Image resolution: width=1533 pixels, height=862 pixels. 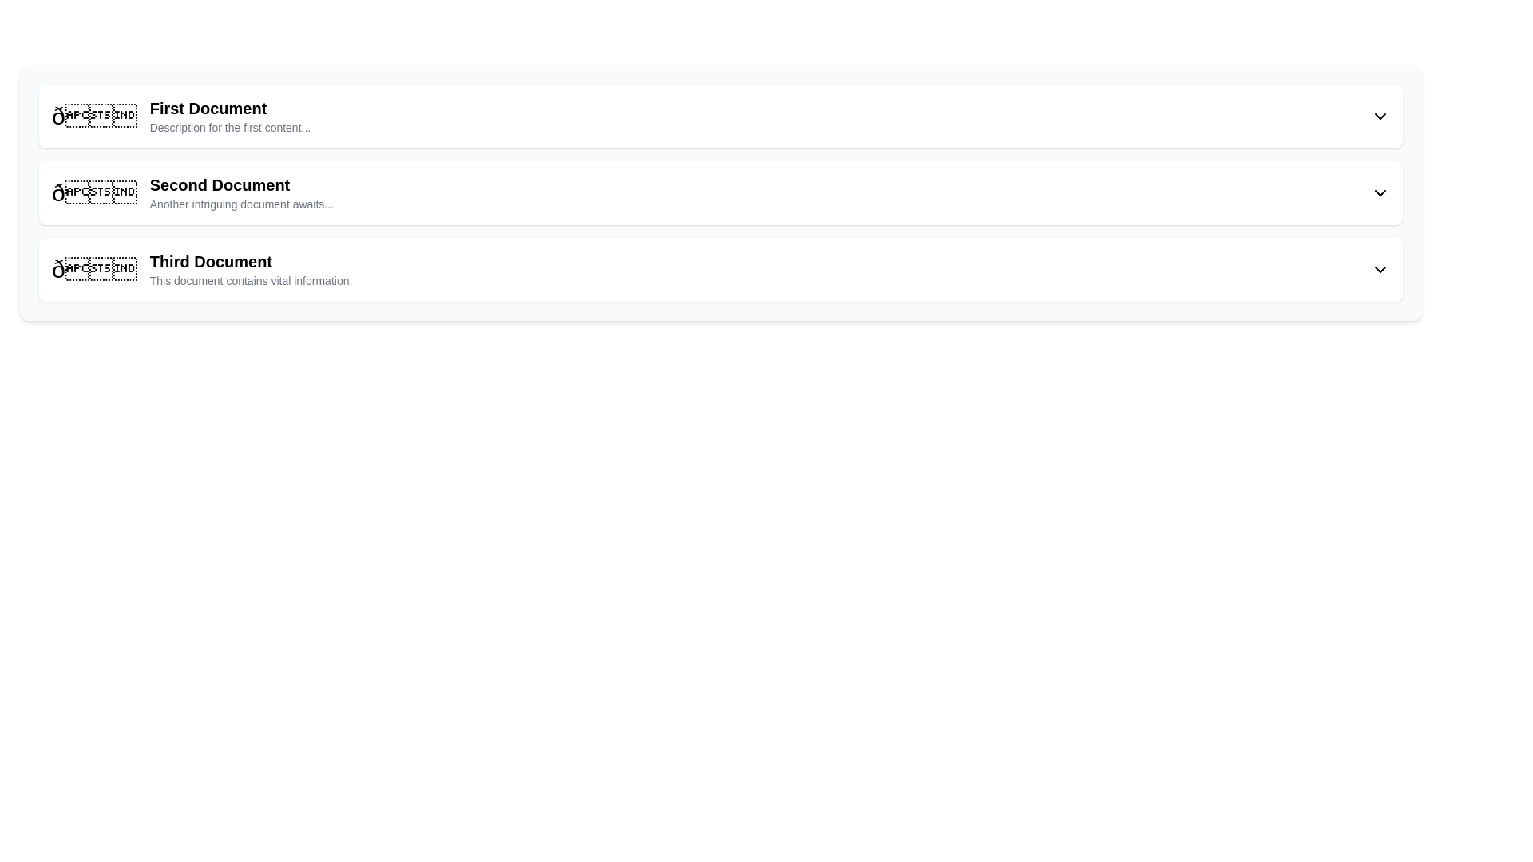 I want to click on the third document list item, which is located below 'Second Document' and provides access to its detailed content, so click(x=719, y=269).